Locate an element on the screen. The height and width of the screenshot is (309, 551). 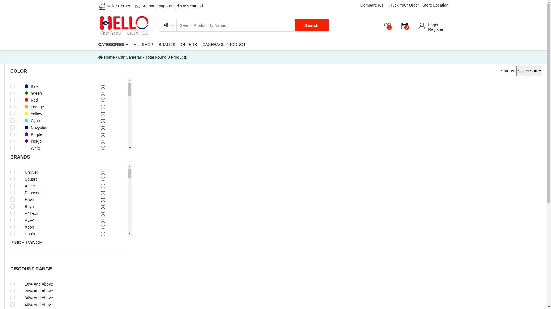
'Red' is located at coordinates (10, 100).